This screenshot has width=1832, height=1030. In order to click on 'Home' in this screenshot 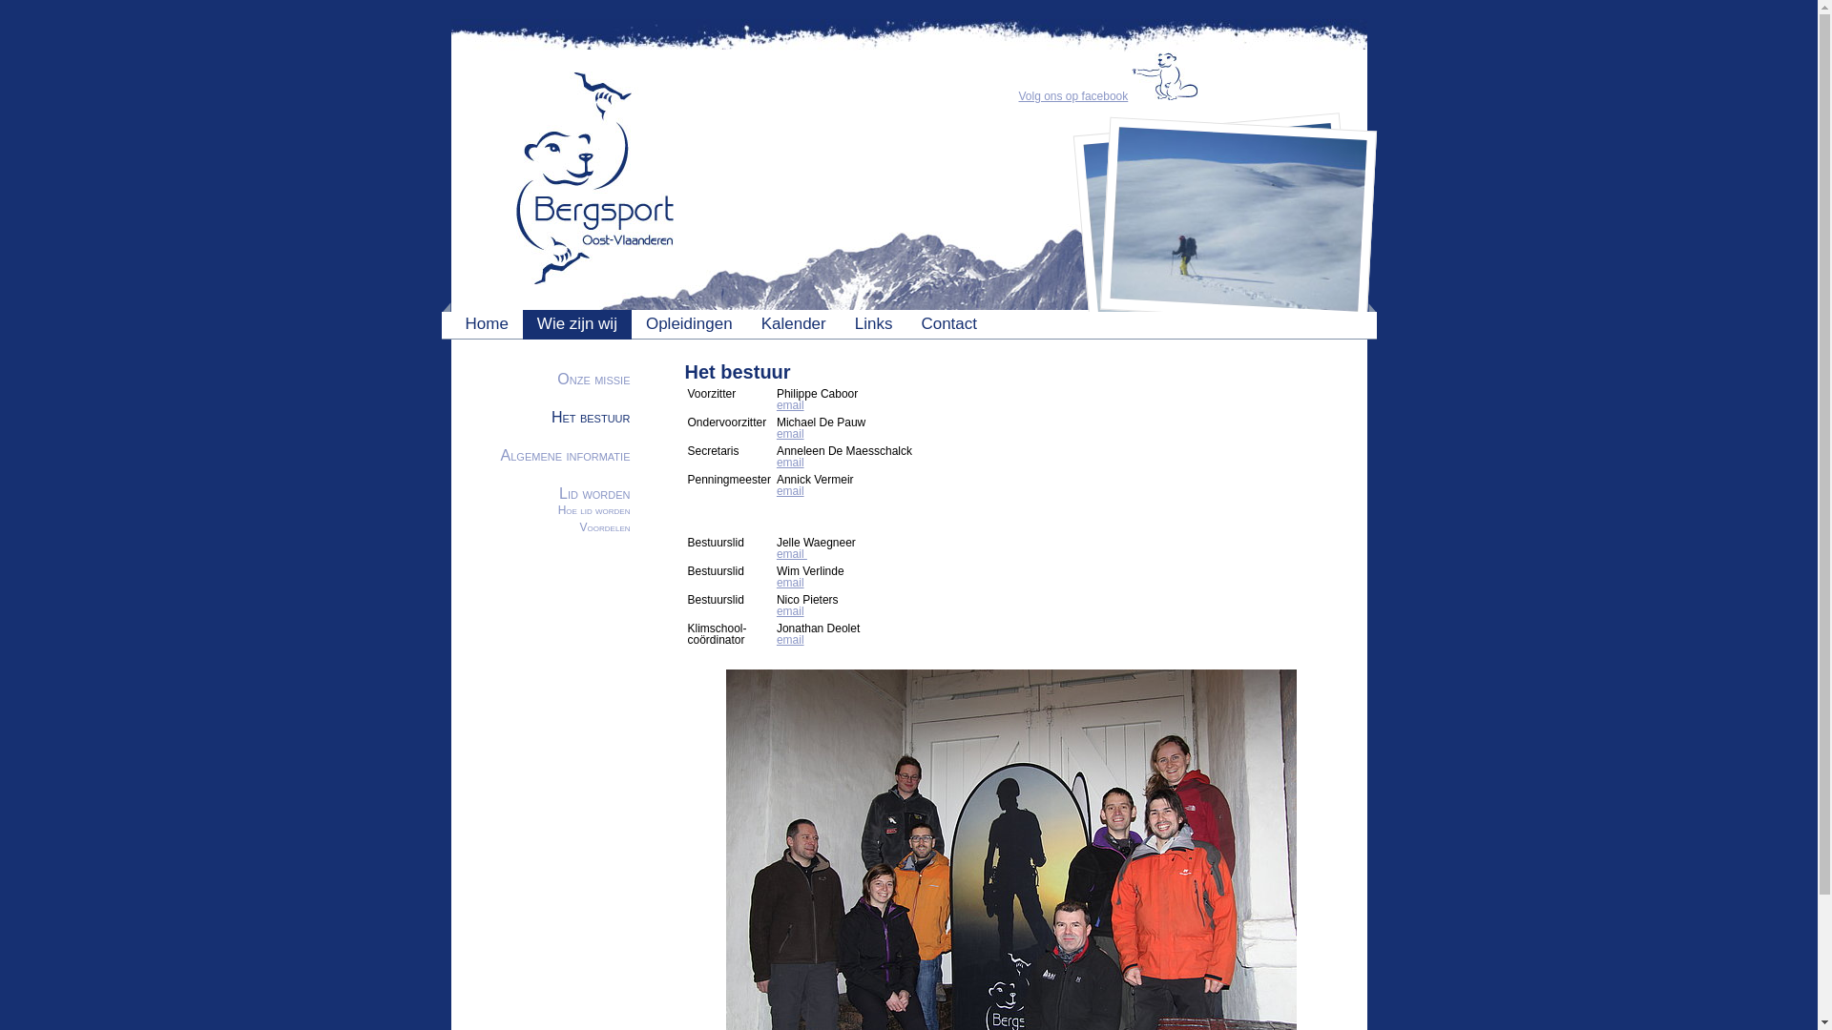, I will do `click(466, 322)`.